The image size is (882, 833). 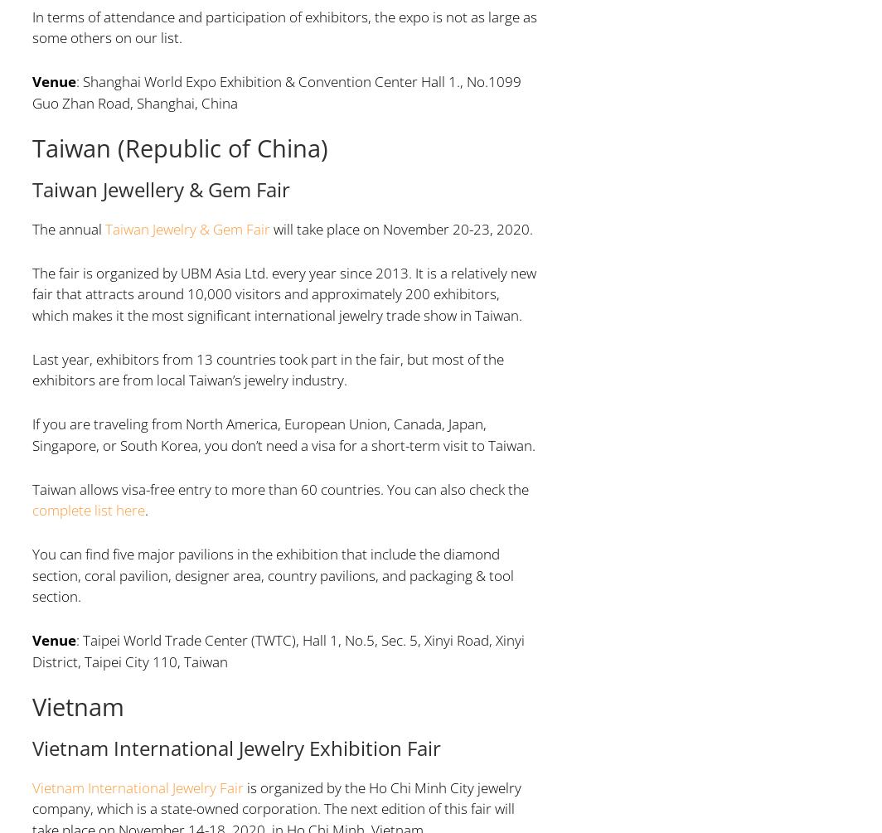 I want to click on 'Taiwan allows visa-free entry to more than 60 countries. You can also check the', so click(x=31, y=487).